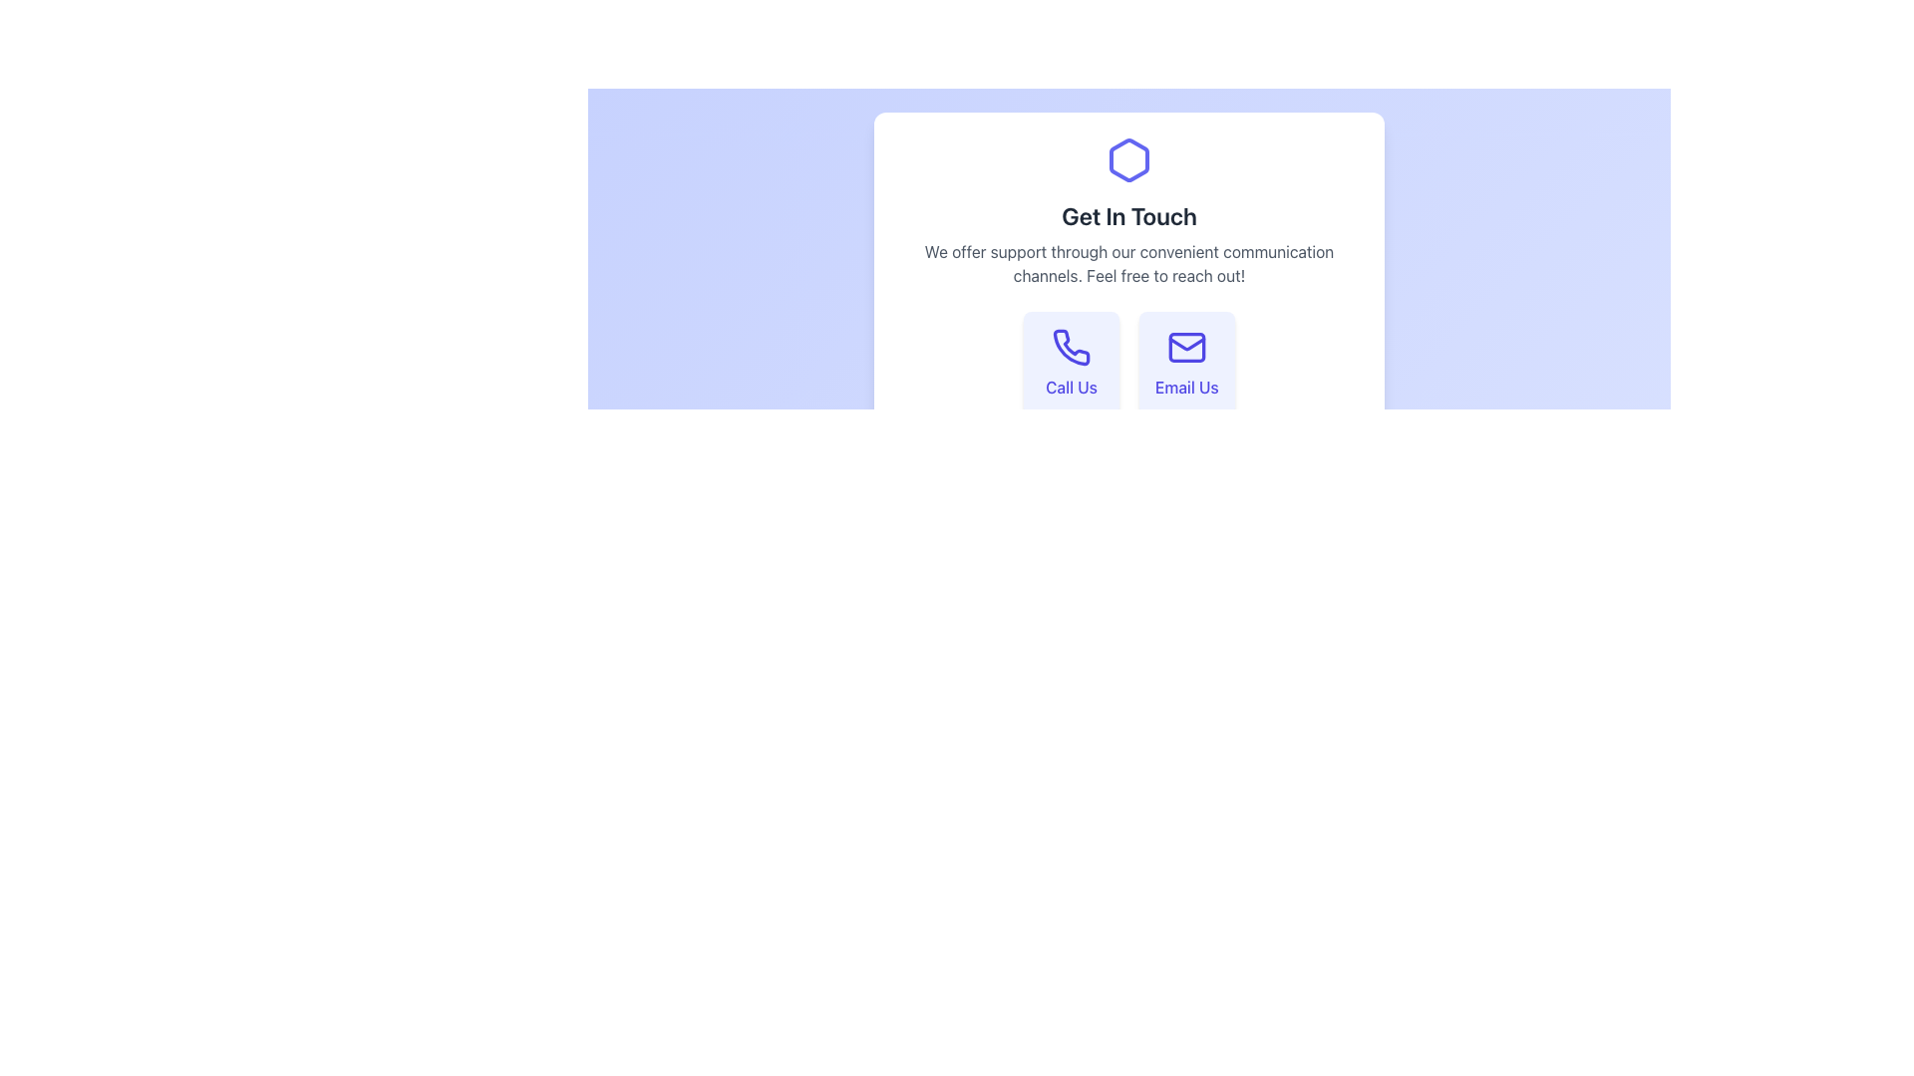  What do you see at coordinates (1071, 346) in the screenshot?
I see `the indigo phone receiver icon in the 'Call Us' communication section, located to the left of the mail icon` at bounding box center [1071, 346].